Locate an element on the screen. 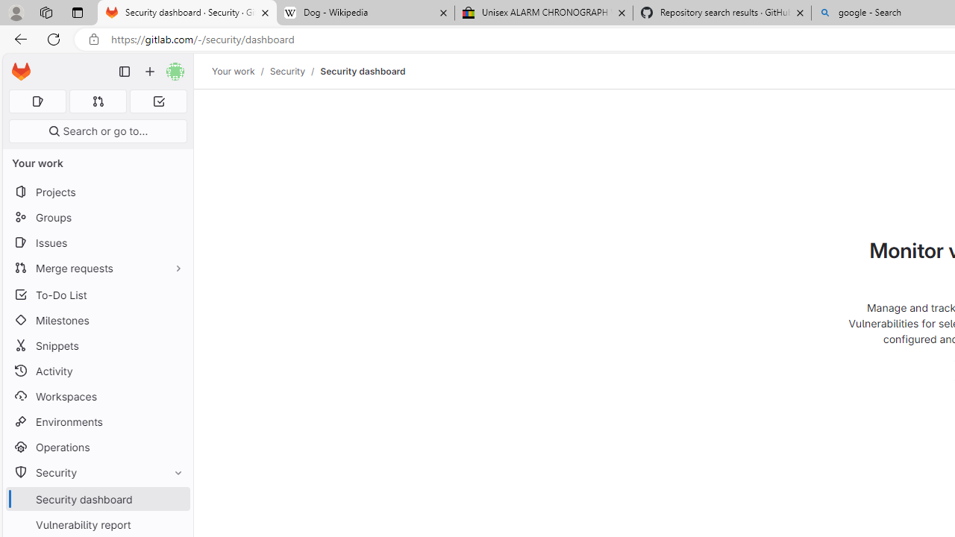  'Homepage' is located at coordinates (21, 72).